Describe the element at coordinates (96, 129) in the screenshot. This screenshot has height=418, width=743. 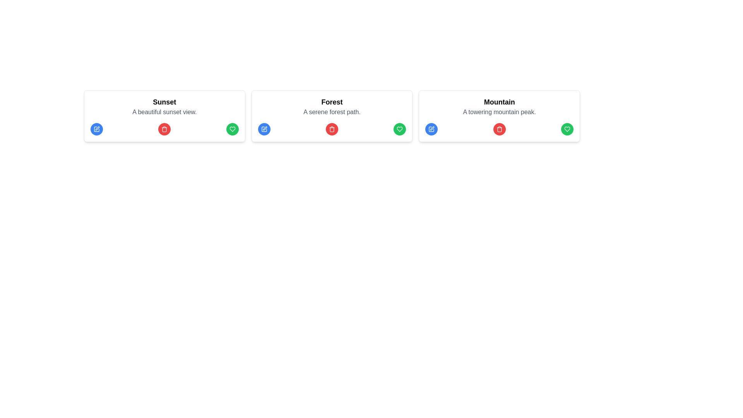
I see `the circular blue button with a pen icon and white text, located at the leftmost position among three buttons below the text 'Sunset'` at that location.